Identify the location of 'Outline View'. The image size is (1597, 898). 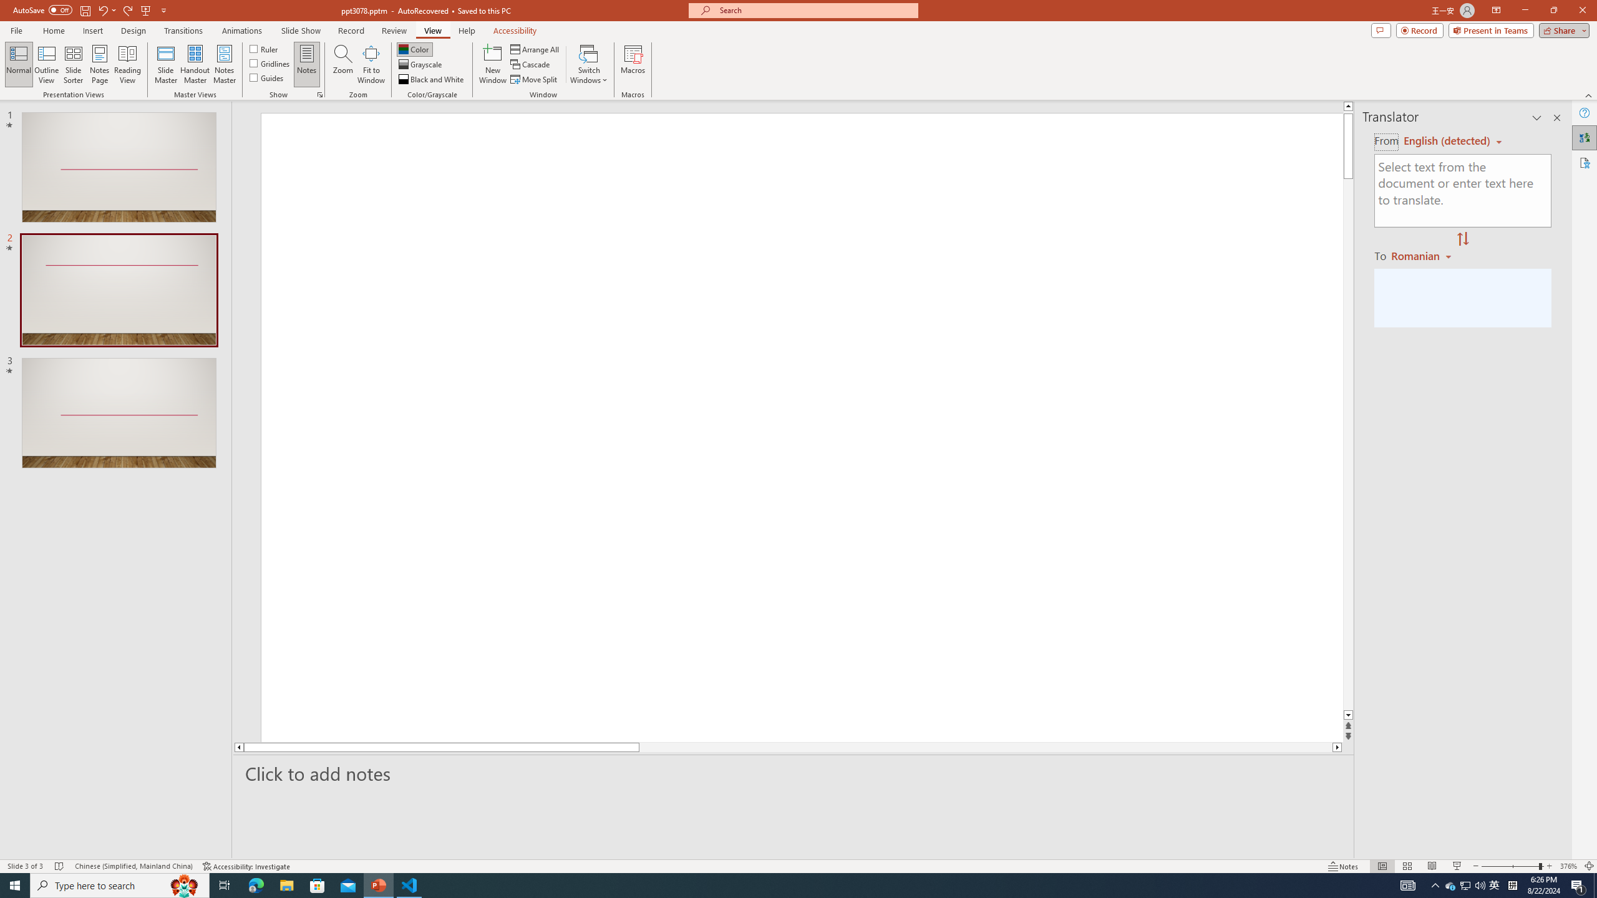
(46, 64).